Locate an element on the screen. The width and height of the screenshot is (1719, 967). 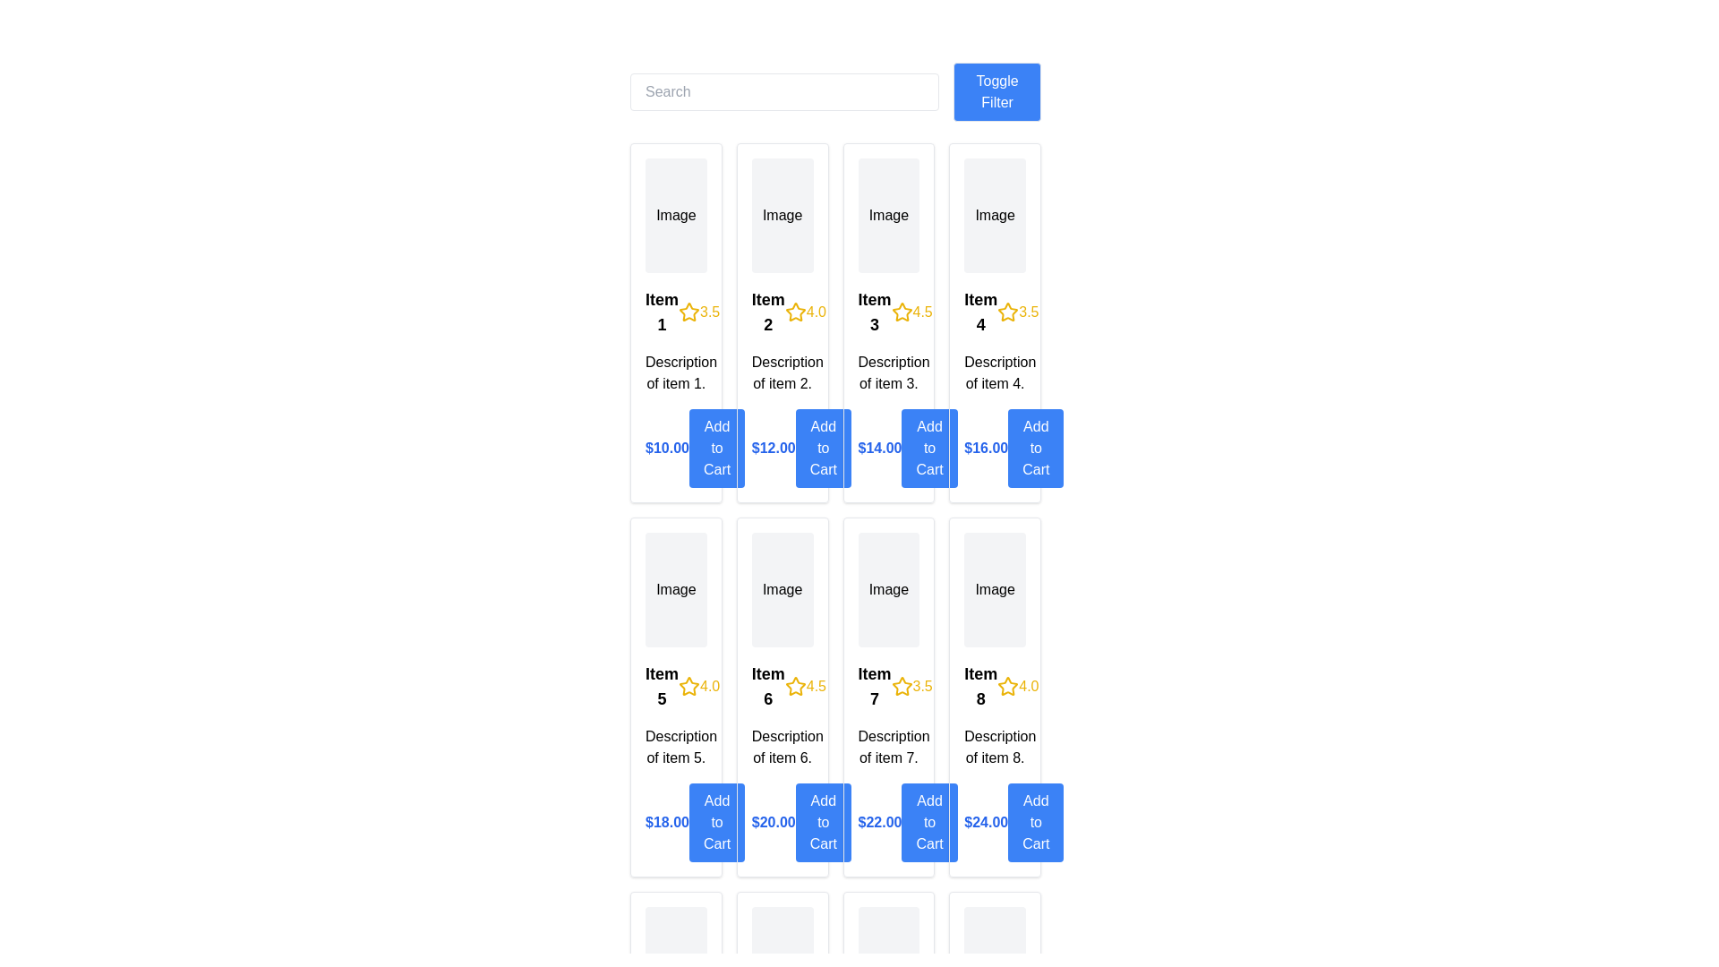
the fourth star icon in the rating indicator for 'Item 7', which visually represents a rating level in a 5-star system is located at coordinates (902, 685).